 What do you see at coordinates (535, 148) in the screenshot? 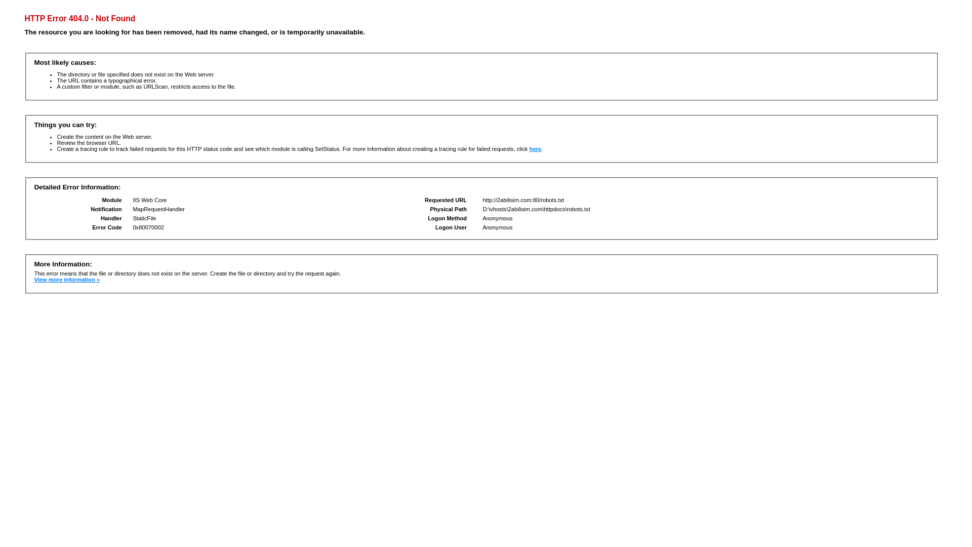
I see `'here'` at bounding box center [535, 148].